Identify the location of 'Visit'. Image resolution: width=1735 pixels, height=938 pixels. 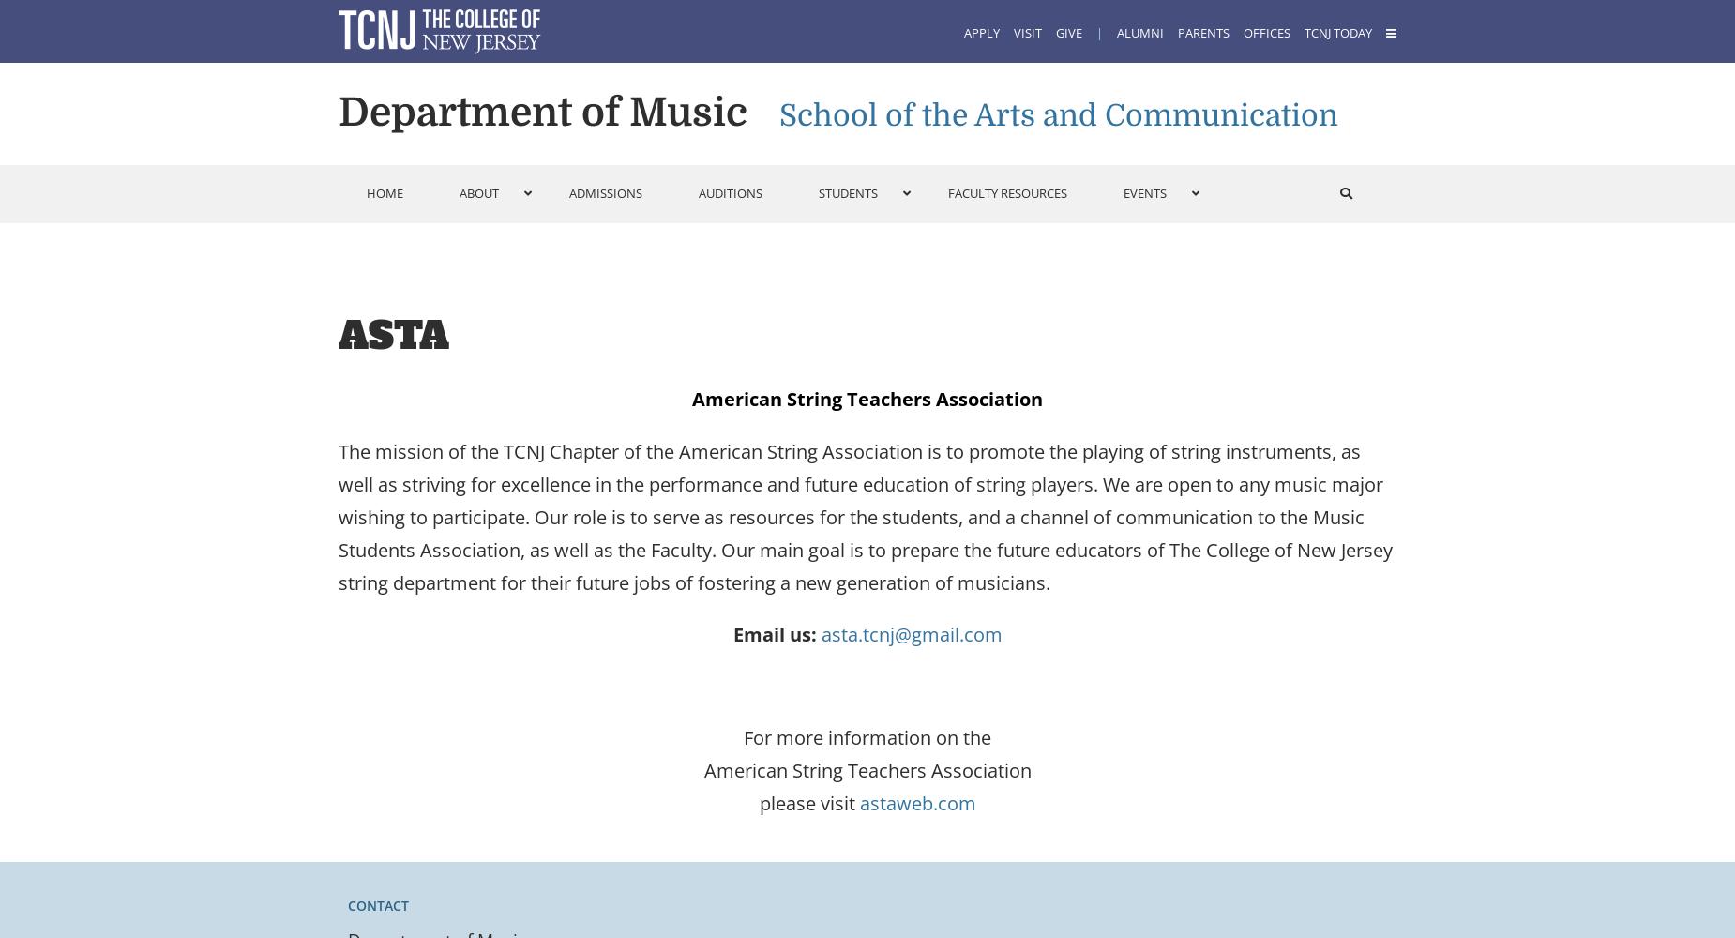
(1026, 33).